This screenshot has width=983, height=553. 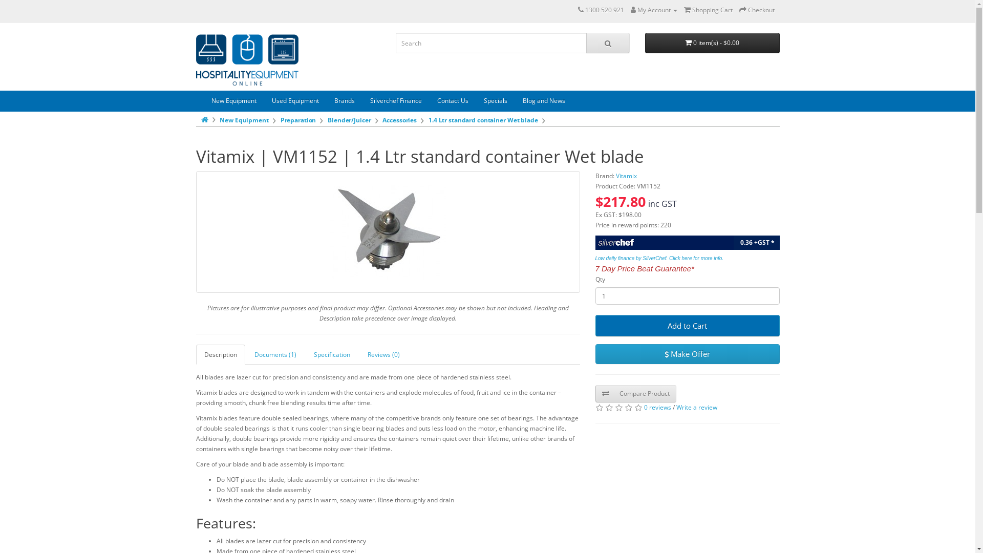 I want to click on '1.4 Ltr standard container Wet blade', so click(x=387, y=231).